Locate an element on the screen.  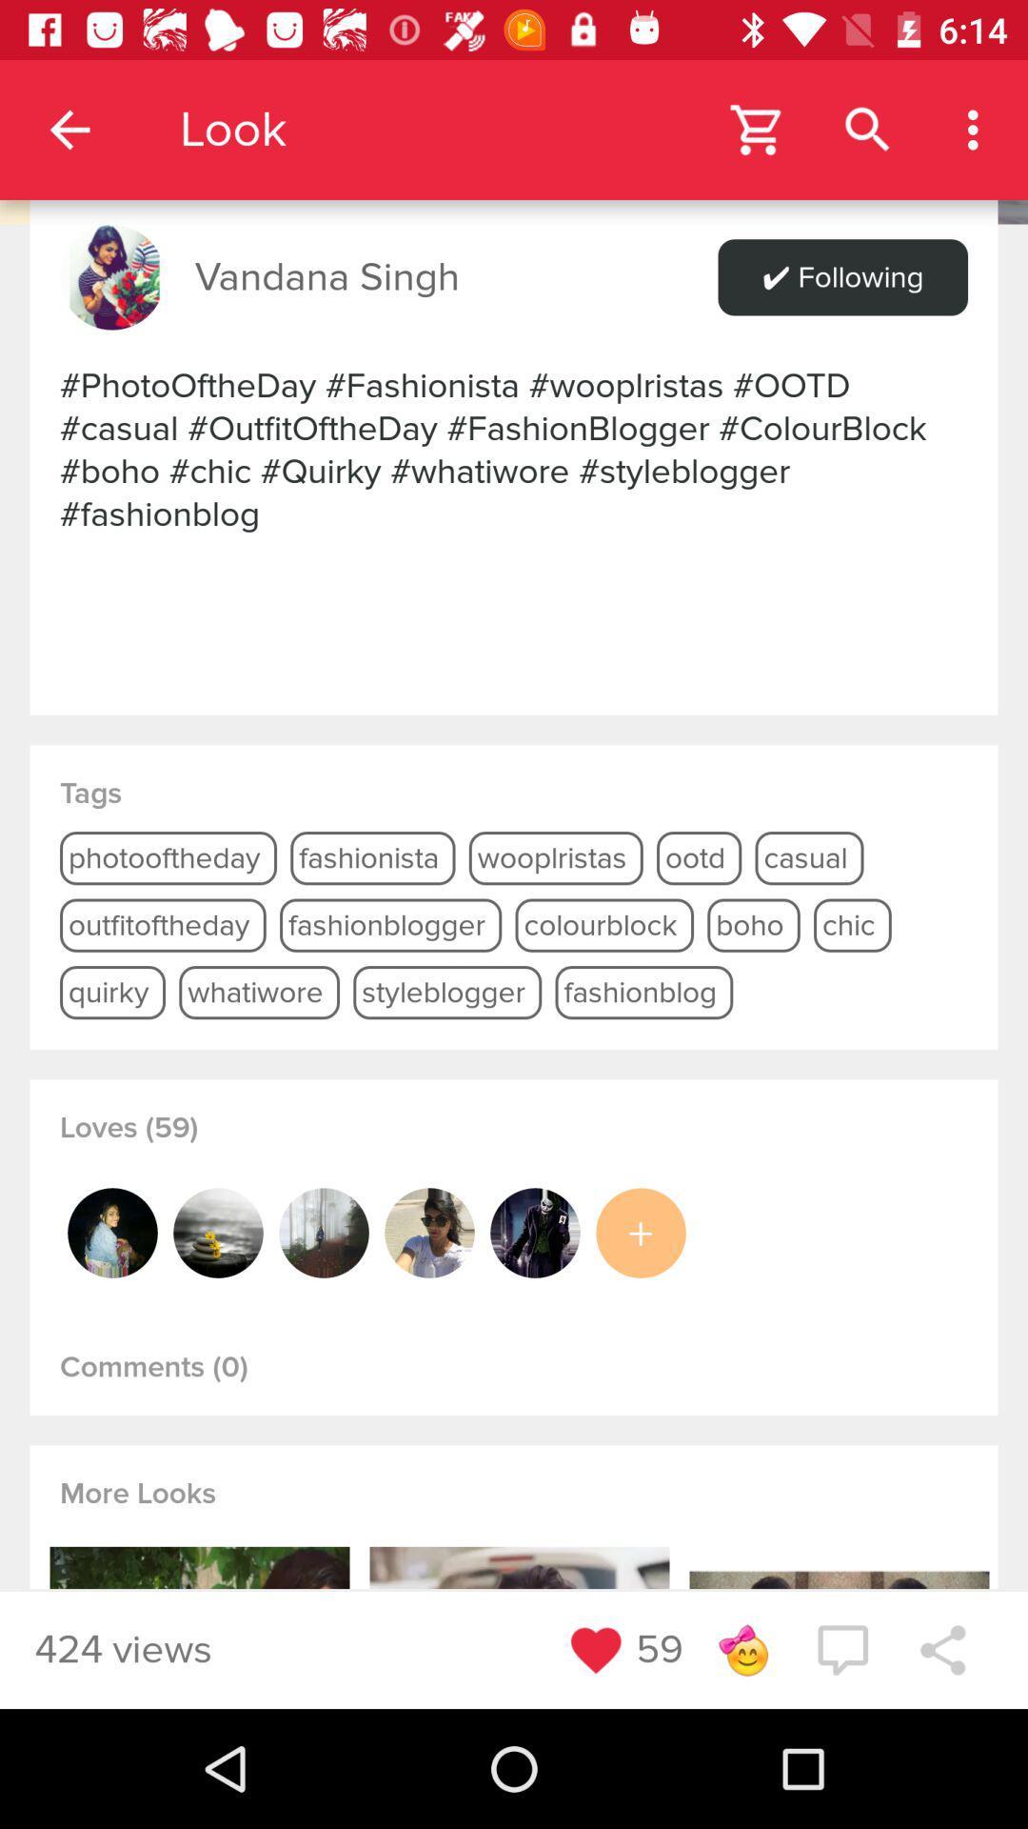
user image thumbnail is located at coordinates (429, 1233).